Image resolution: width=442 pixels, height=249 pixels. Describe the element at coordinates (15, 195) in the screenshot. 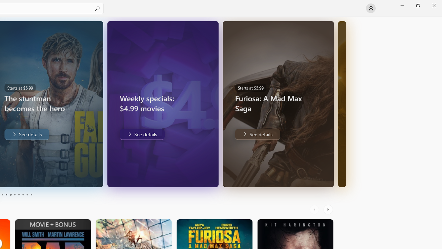

I see `'Page 6'` at that location.